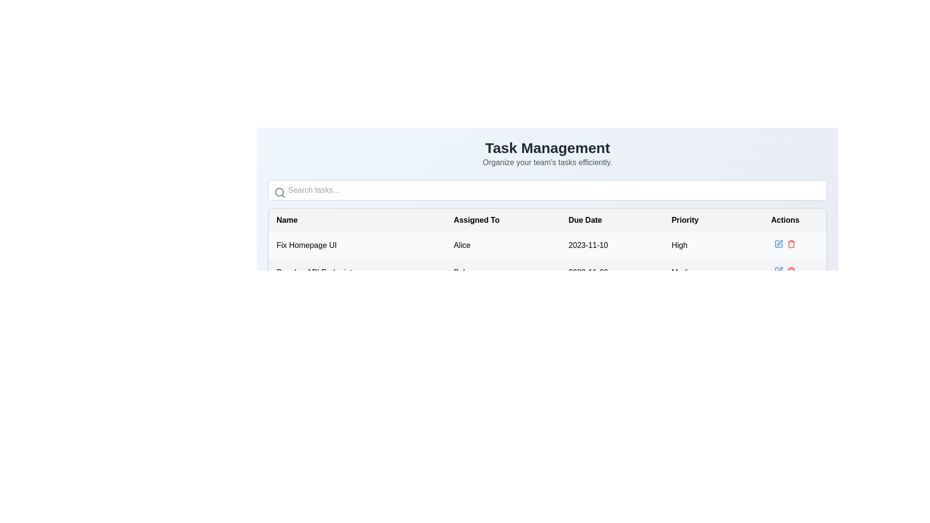 Image resolution: width=930 pixels, height=523 pixels. I want to click on the header text element that serves as a label for the actions column, located at the rightmost position of the header row in the table layout, so click(785, 220).